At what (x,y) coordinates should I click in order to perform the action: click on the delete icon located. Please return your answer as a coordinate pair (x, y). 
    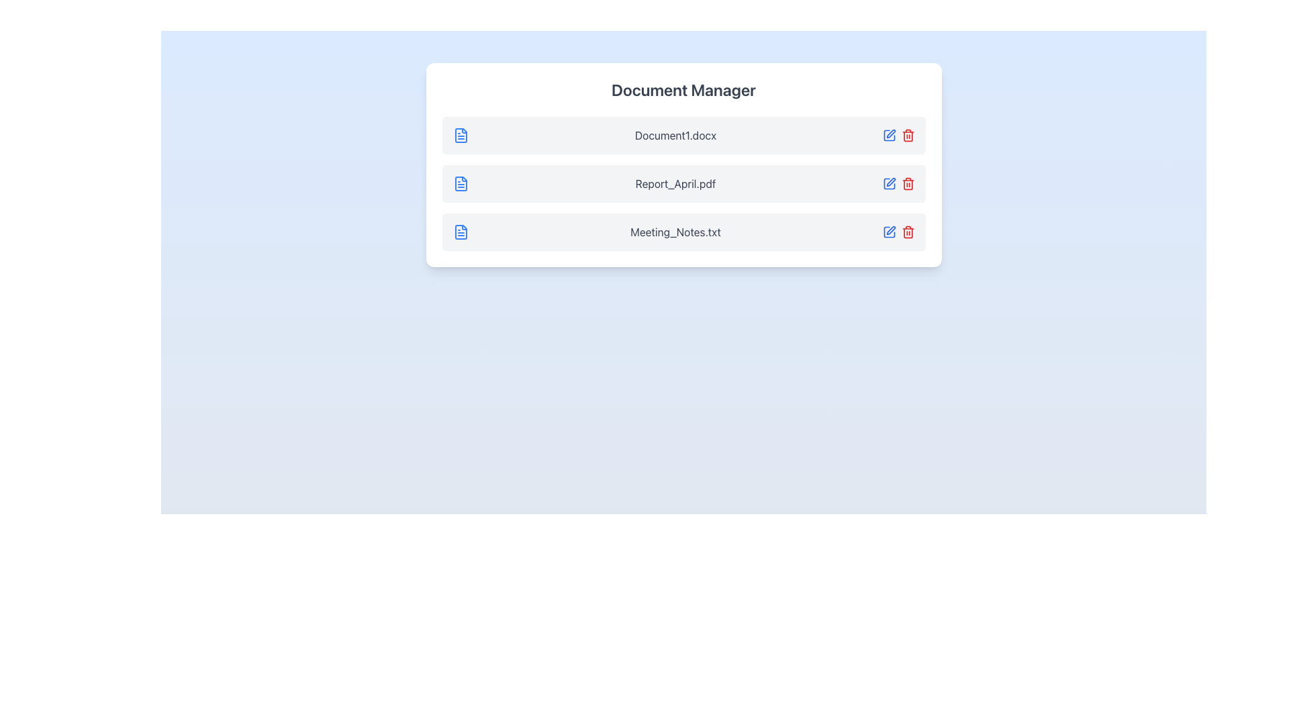
    Looking at the image, I should click on (908, 232).